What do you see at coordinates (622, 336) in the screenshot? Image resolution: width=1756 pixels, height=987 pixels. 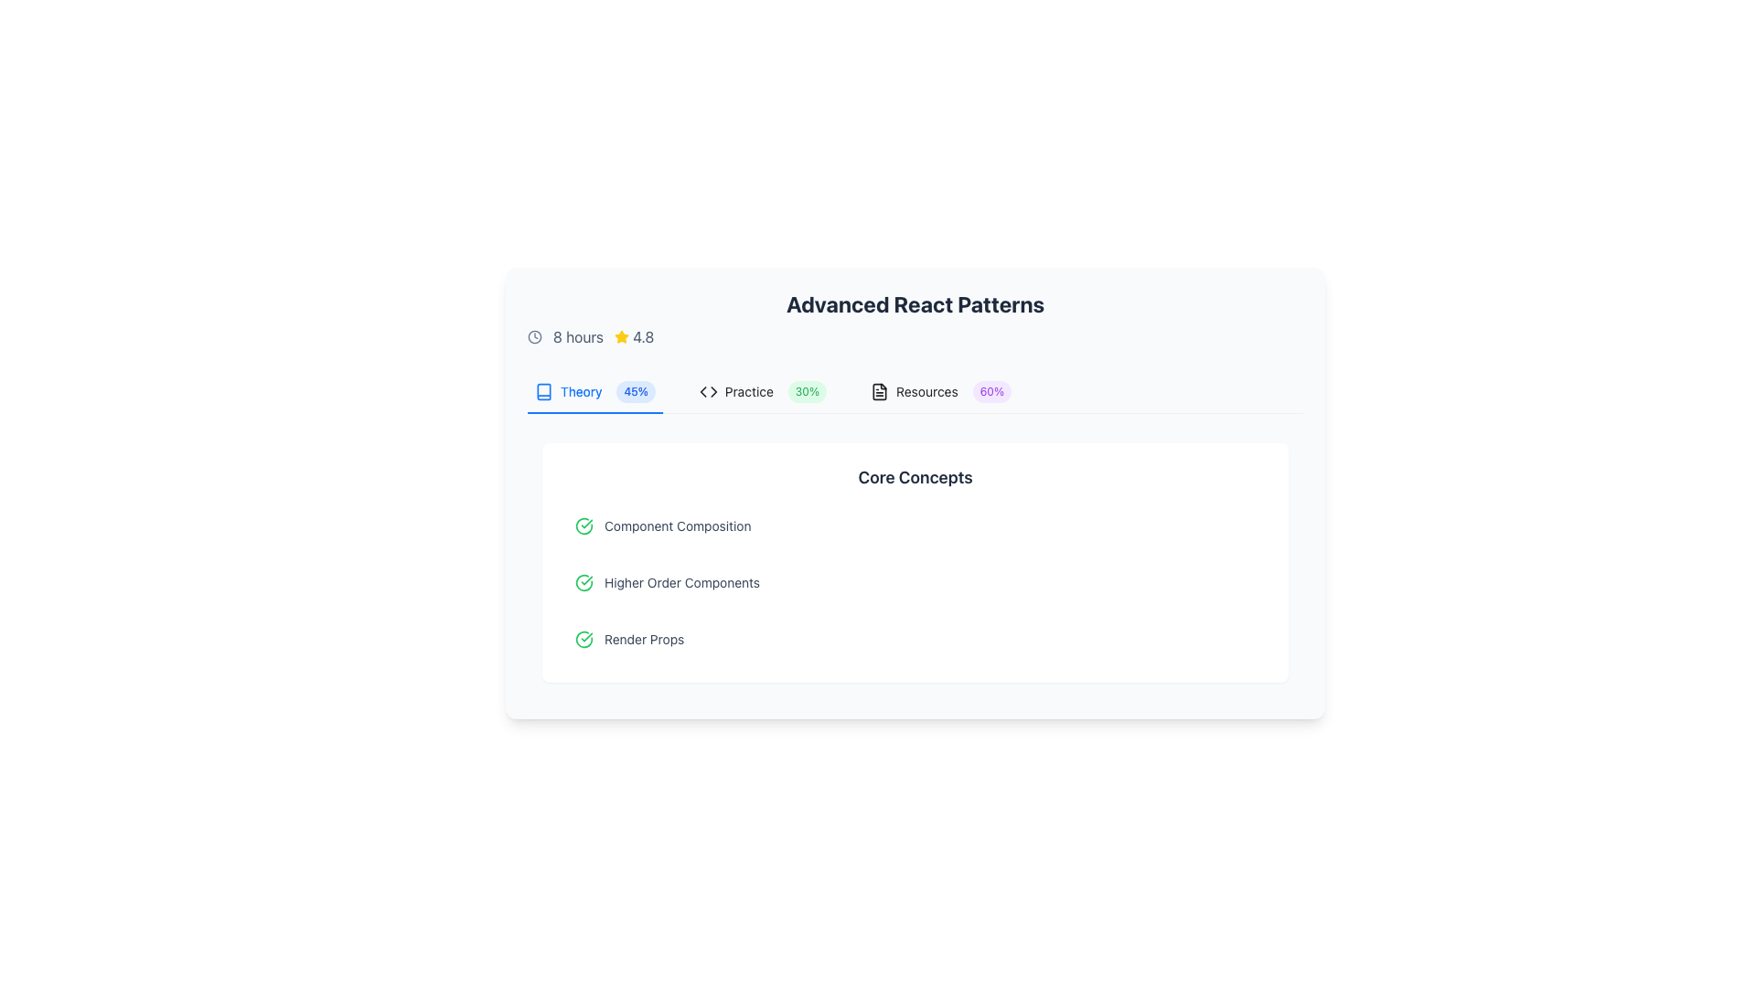 I see `the vibrant yellow star-shaped icon representing a rating, located near the top-left section of the interface, adjacent to the text '8 hours' and the clock symbol` at bounding box center [622, 336].